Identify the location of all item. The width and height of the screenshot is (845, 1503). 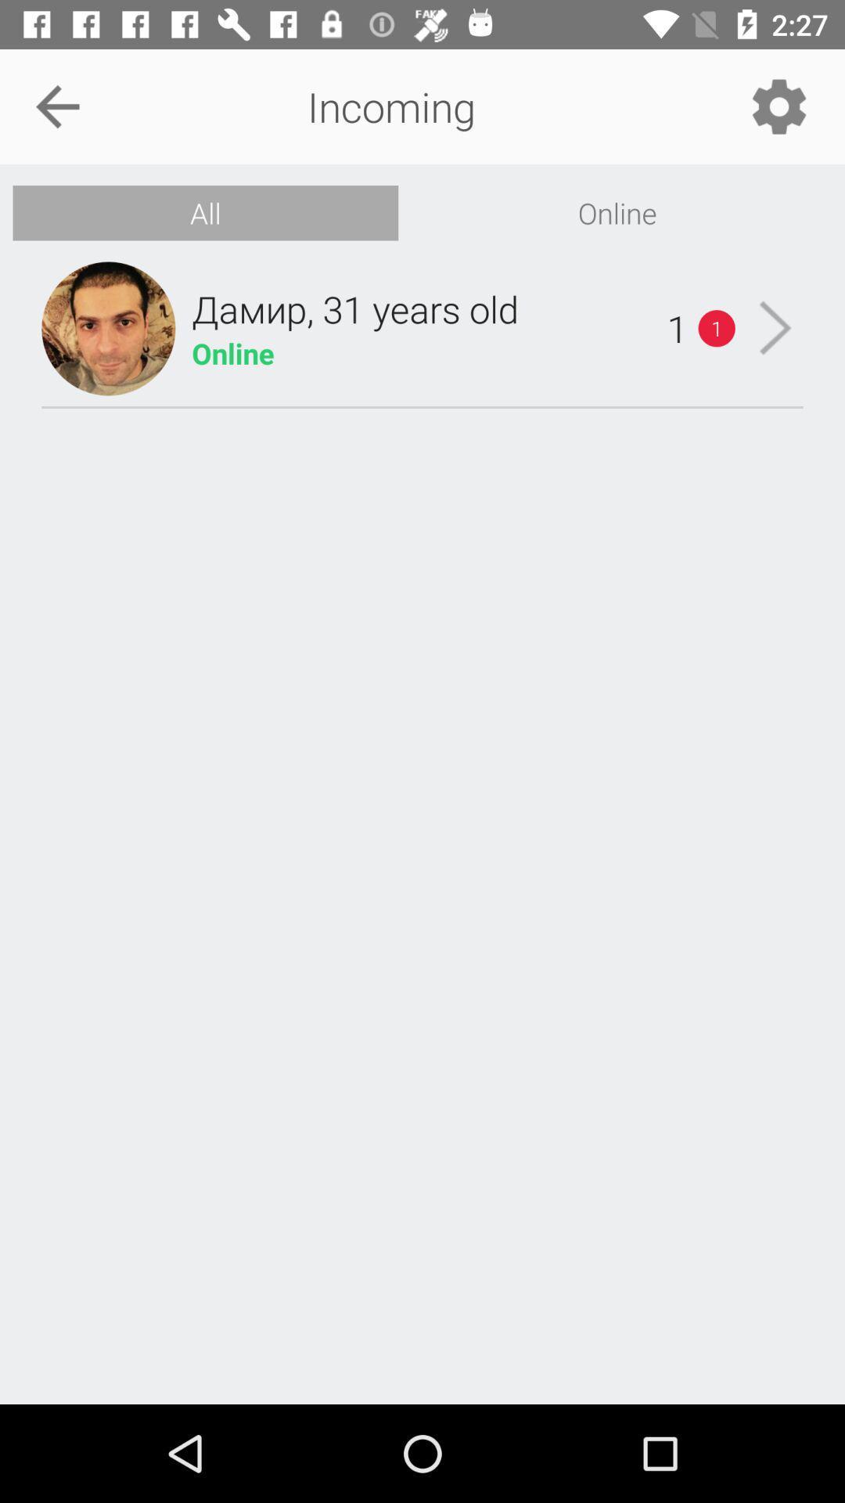
(204, 212).